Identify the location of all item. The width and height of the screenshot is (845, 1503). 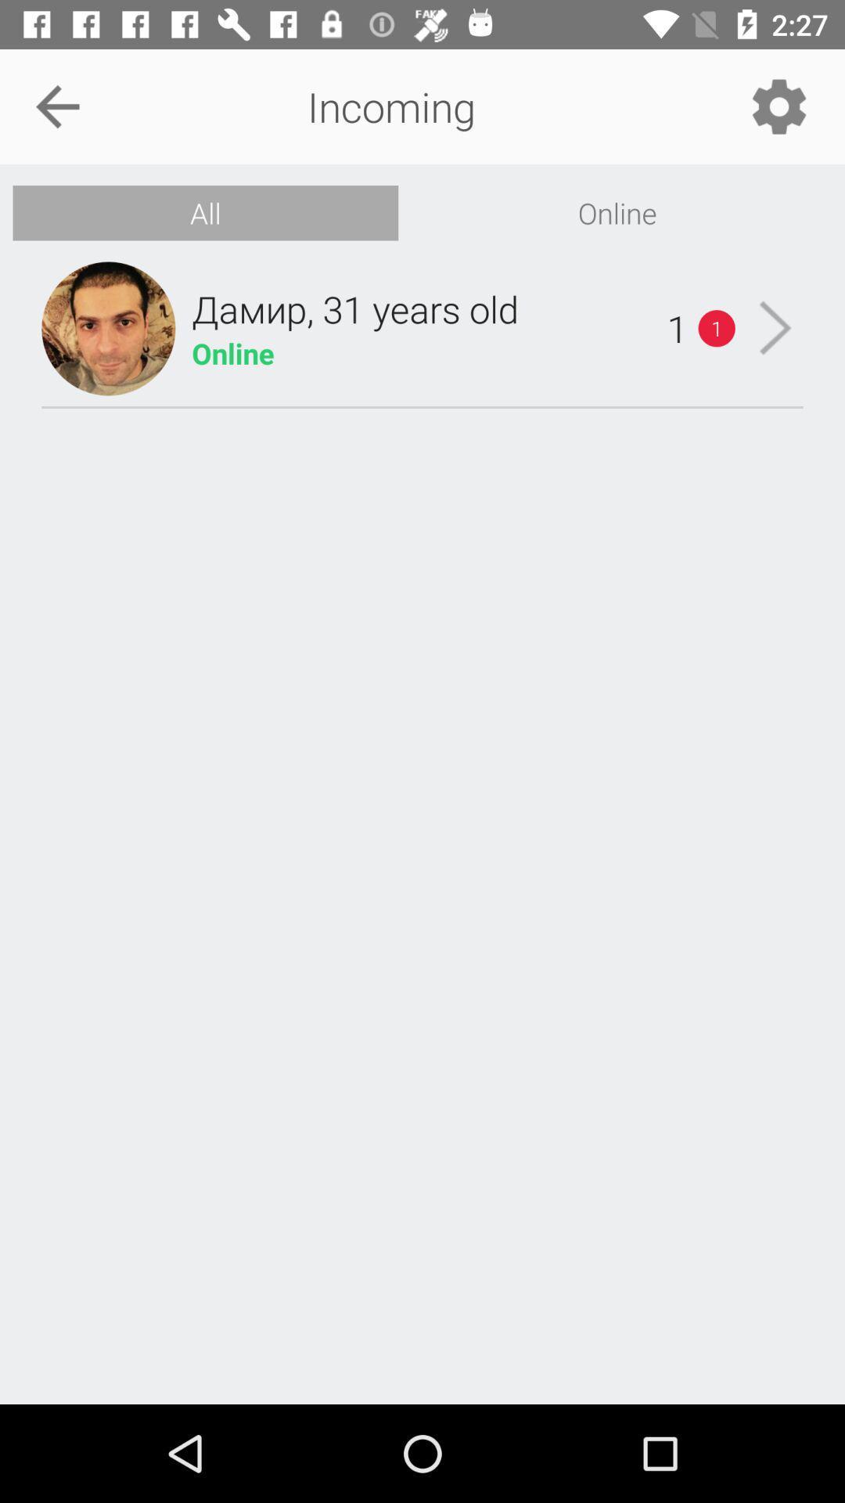
(204, 212).